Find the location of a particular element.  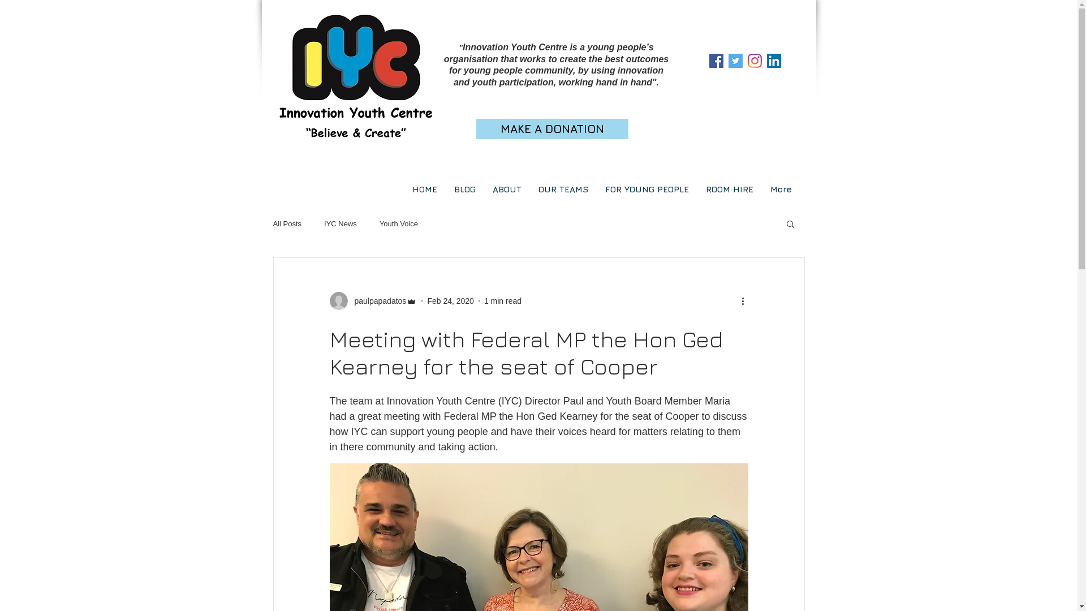

'ABOUT' is located at coordinates (484, 187).